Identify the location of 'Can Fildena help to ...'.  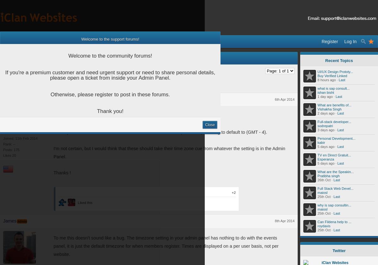
(334, 222).